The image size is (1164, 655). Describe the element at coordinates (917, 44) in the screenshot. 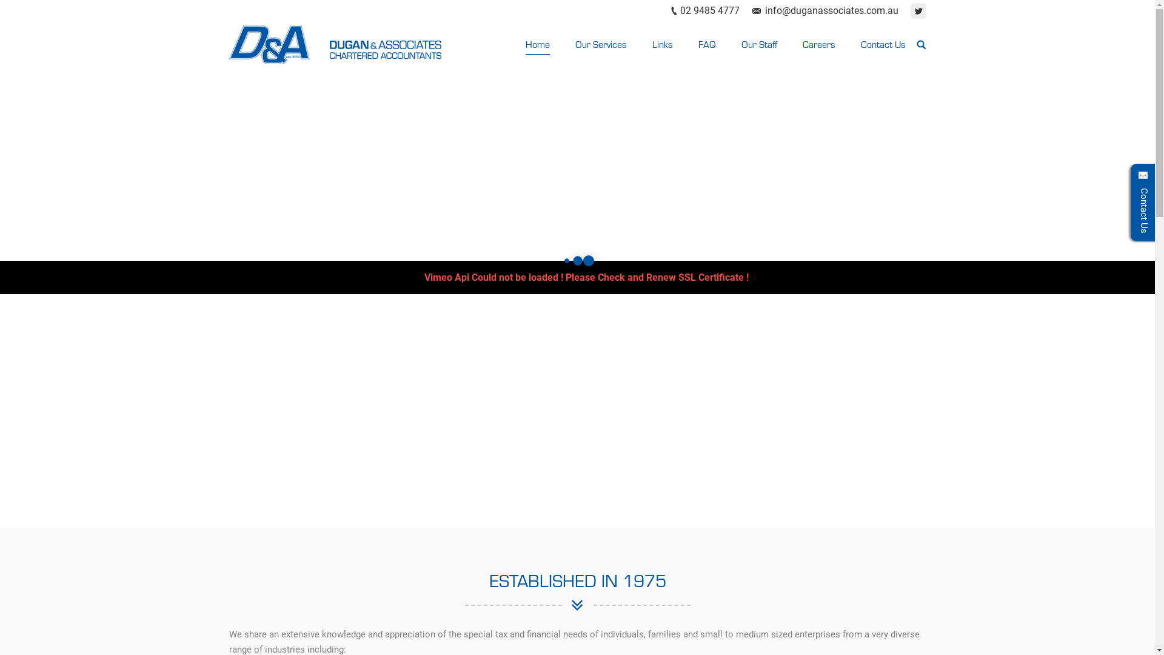

I see `' '` at that location.